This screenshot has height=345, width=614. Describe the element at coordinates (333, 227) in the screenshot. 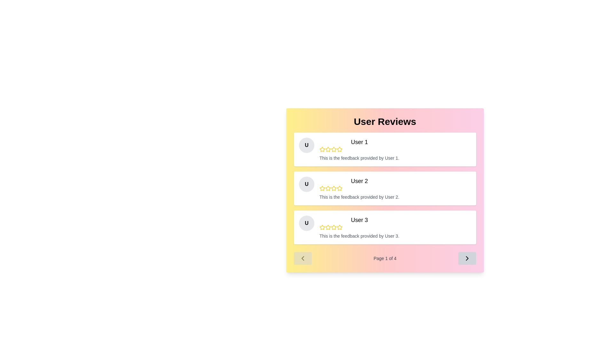

I see `the third star in the rating system for User 3` at that location.